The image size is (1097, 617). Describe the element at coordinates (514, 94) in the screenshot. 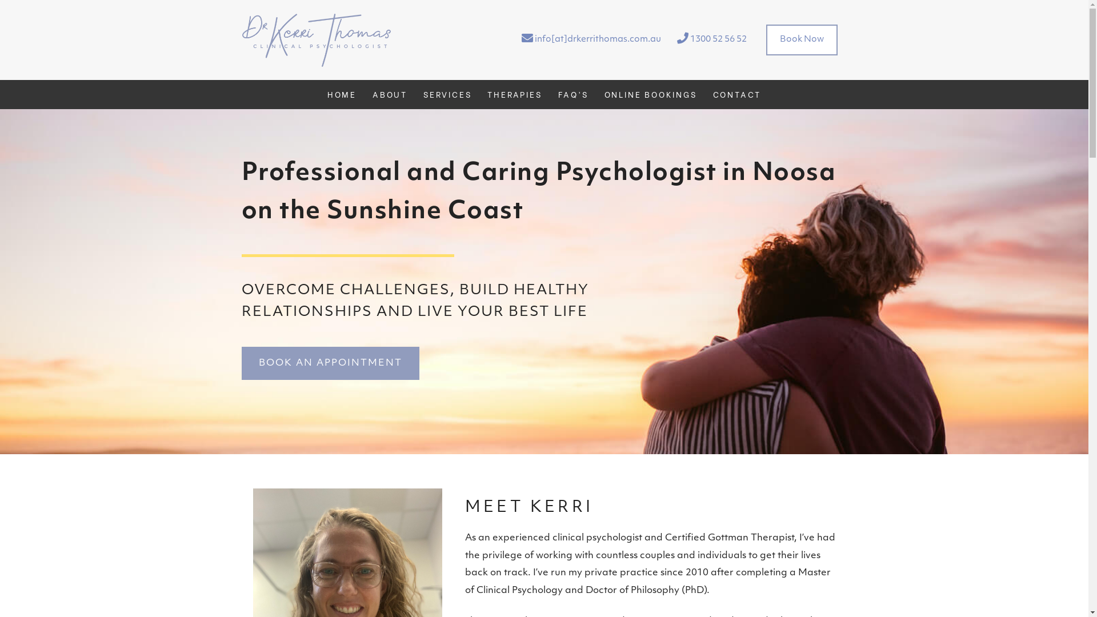

I see `'THERAPIES'` at that location.